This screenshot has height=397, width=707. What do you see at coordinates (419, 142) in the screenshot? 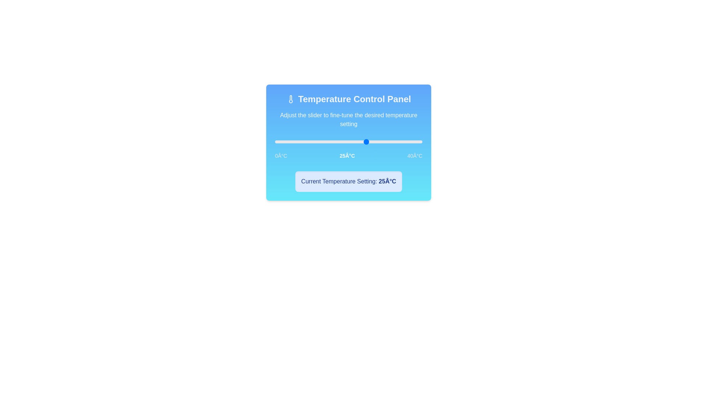
I see `the slider to set the temperature to 39°C` at bounding box center [419, 142].